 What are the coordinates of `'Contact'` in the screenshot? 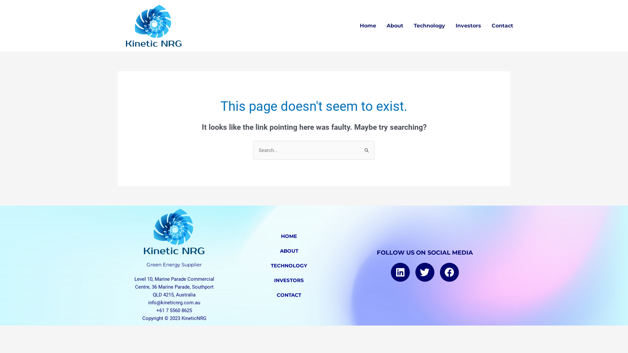 It's located at (486, 25).